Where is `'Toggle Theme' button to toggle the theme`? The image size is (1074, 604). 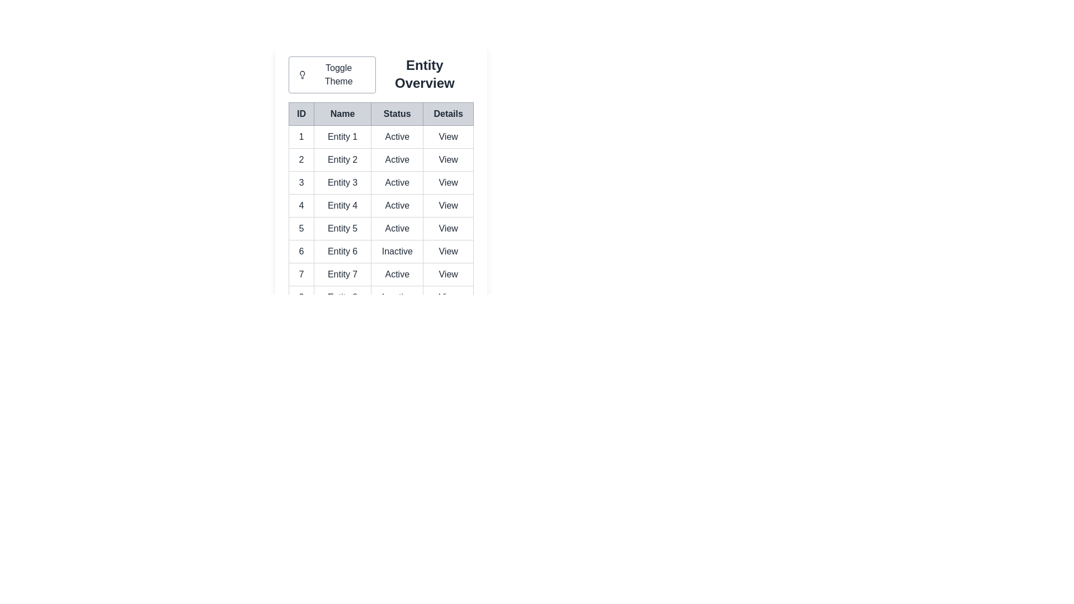 'Toggle Theme' button to toggle the theme is located at coordinates (331, 75).